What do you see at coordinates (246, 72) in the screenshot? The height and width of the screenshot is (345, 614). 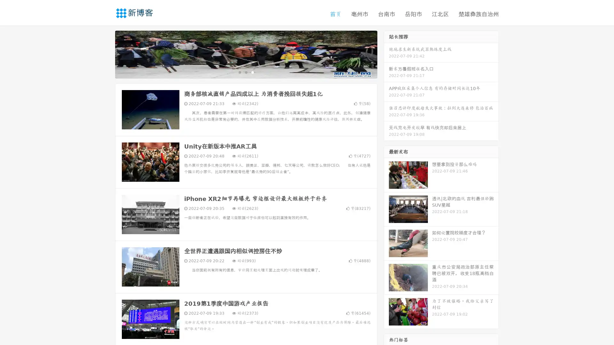 I see `Go to slide 2` at bounding box center [246, 72].